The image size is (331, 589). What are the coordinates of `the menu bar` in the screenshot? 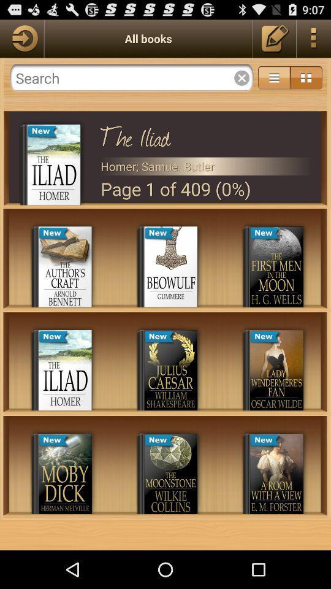 It's located at (305, 77).